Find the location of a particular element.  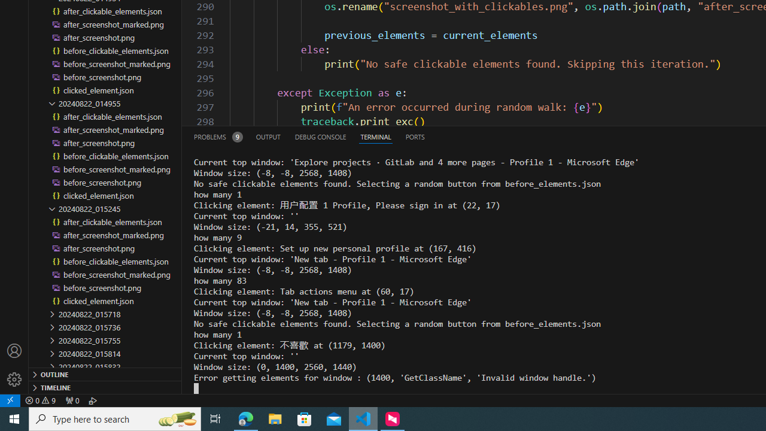

'No Ports Forwarded' is located at coordinates (71, 400).